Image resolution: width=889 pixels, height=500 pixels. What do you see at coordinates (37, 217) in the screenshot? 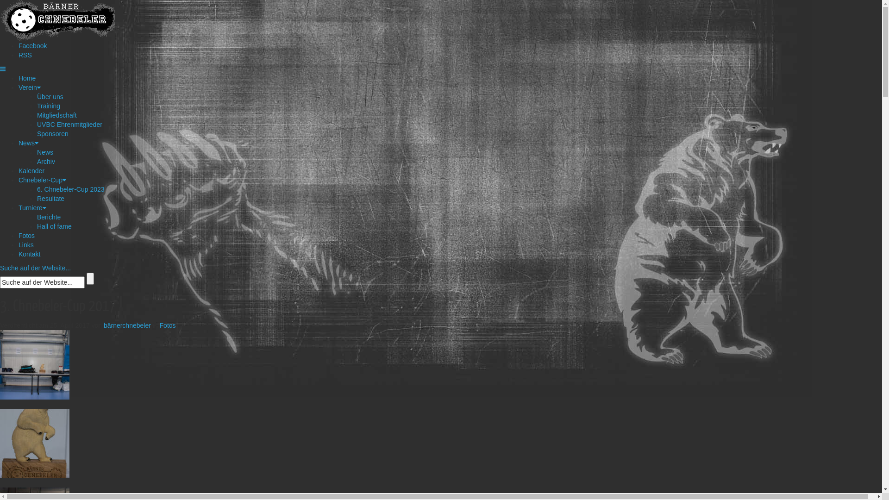
I see `'Berichte'` at bounding box center [37, 217].